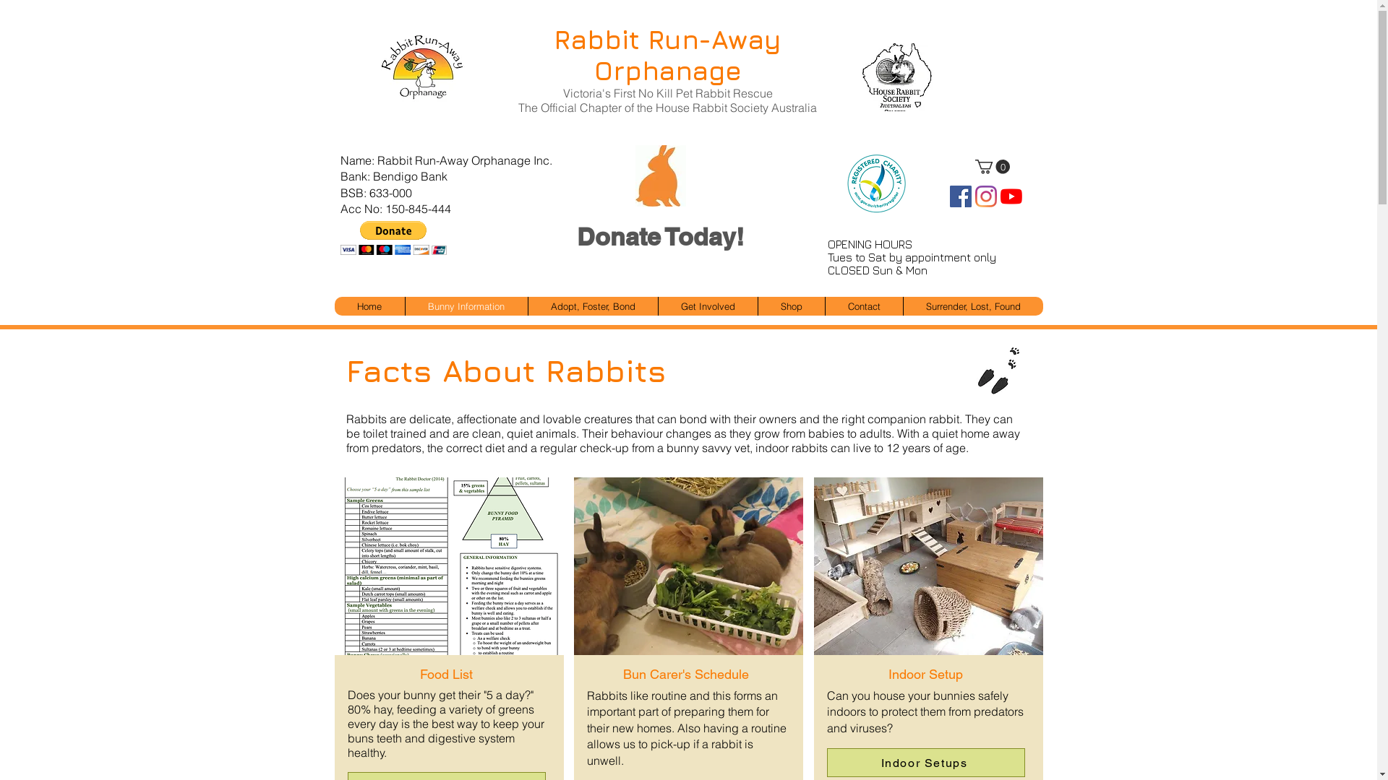  What do you see at coordinates (972, 305) in the screenshot?
I see `'Surrender, Lost, Found'` at bounding box center [972, 305].